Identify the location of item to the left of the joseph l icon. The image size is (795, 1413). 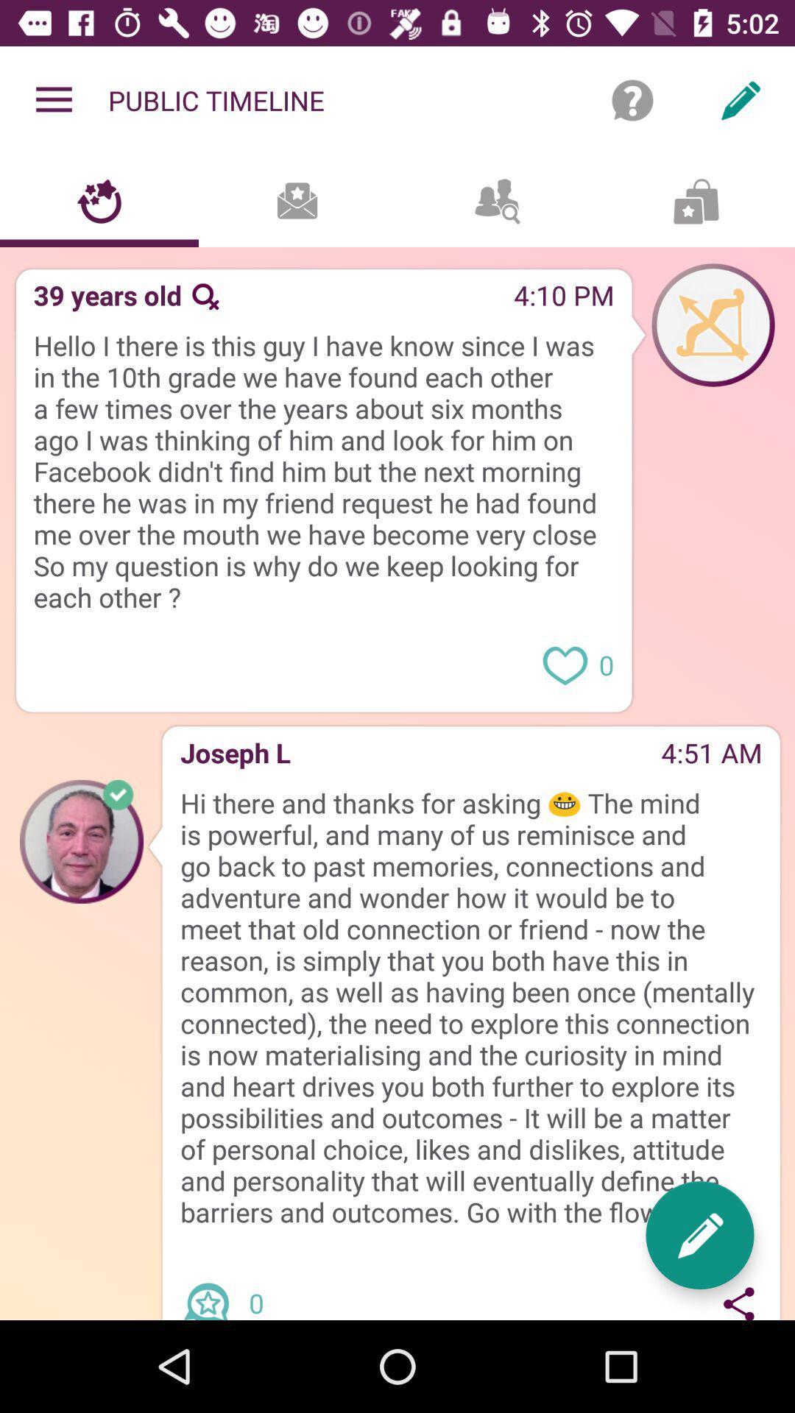
(82, 841).